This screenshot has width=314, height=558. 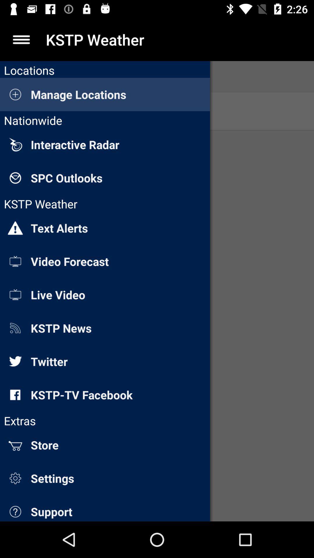 What do you see at coordinates (21, 39) in the screenshot?
I see `the menu icon` at bounding box center [21, 39].